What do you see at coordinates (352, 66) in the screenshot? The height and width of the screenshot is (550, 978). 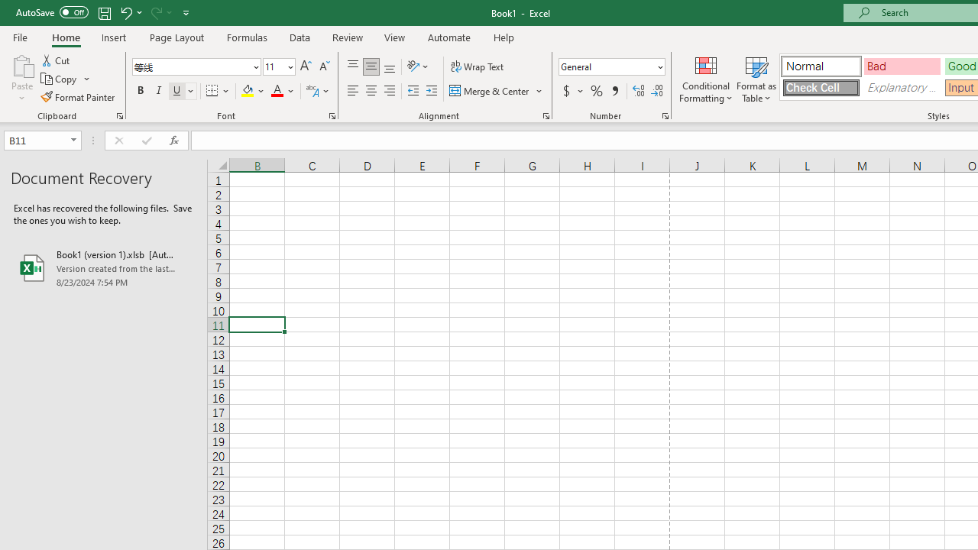 I see `'Top Align'` at bounding box center [352, 66].